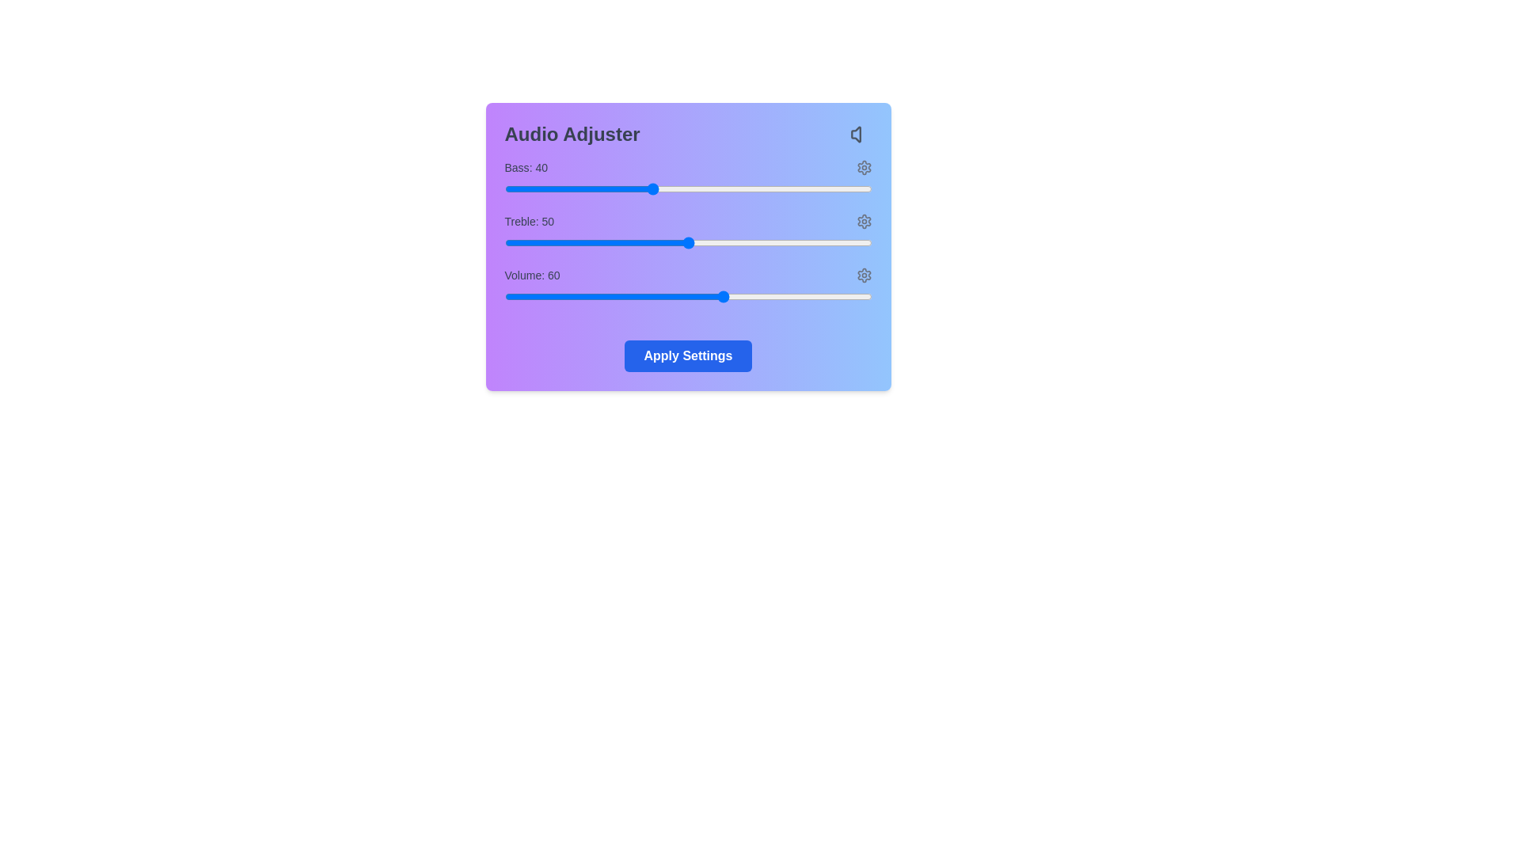  What do you see at coordinates (688, 243) in the screenshot?
I see `the treble range slider, which is the second element` at bounding box center [688, 243].